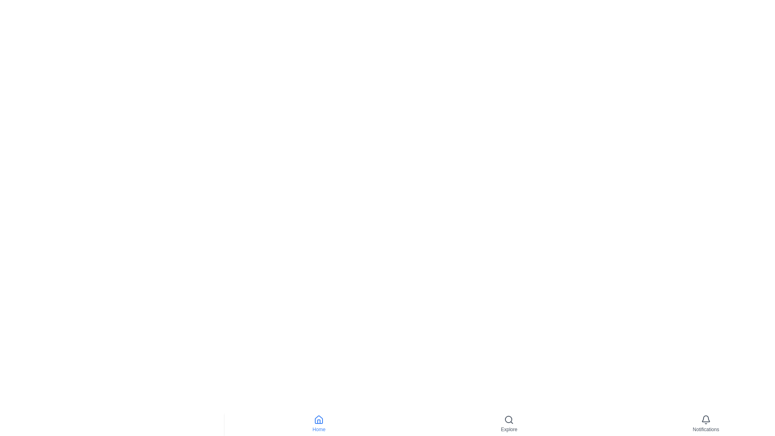  Describe the element at coordinates (509, 419) in the screenshot. I see `the magnifying glass icon in the bottom navigation bar under the 'Explore' label` at that location.